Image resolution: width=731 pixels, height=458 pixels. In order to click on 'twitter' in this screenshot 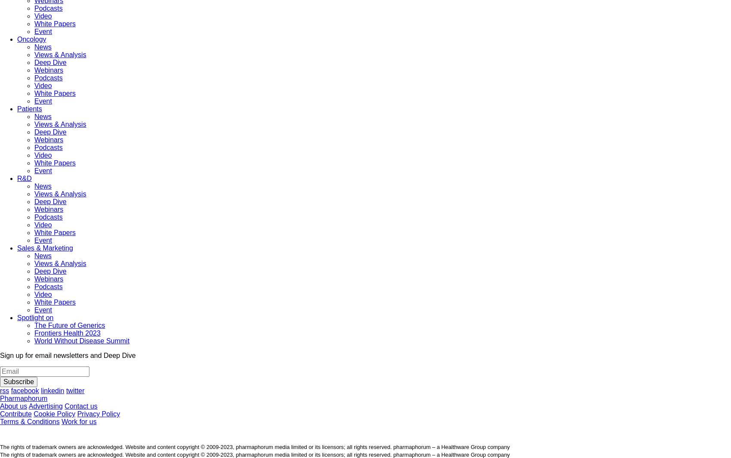, I will do `click(65, 391)`.